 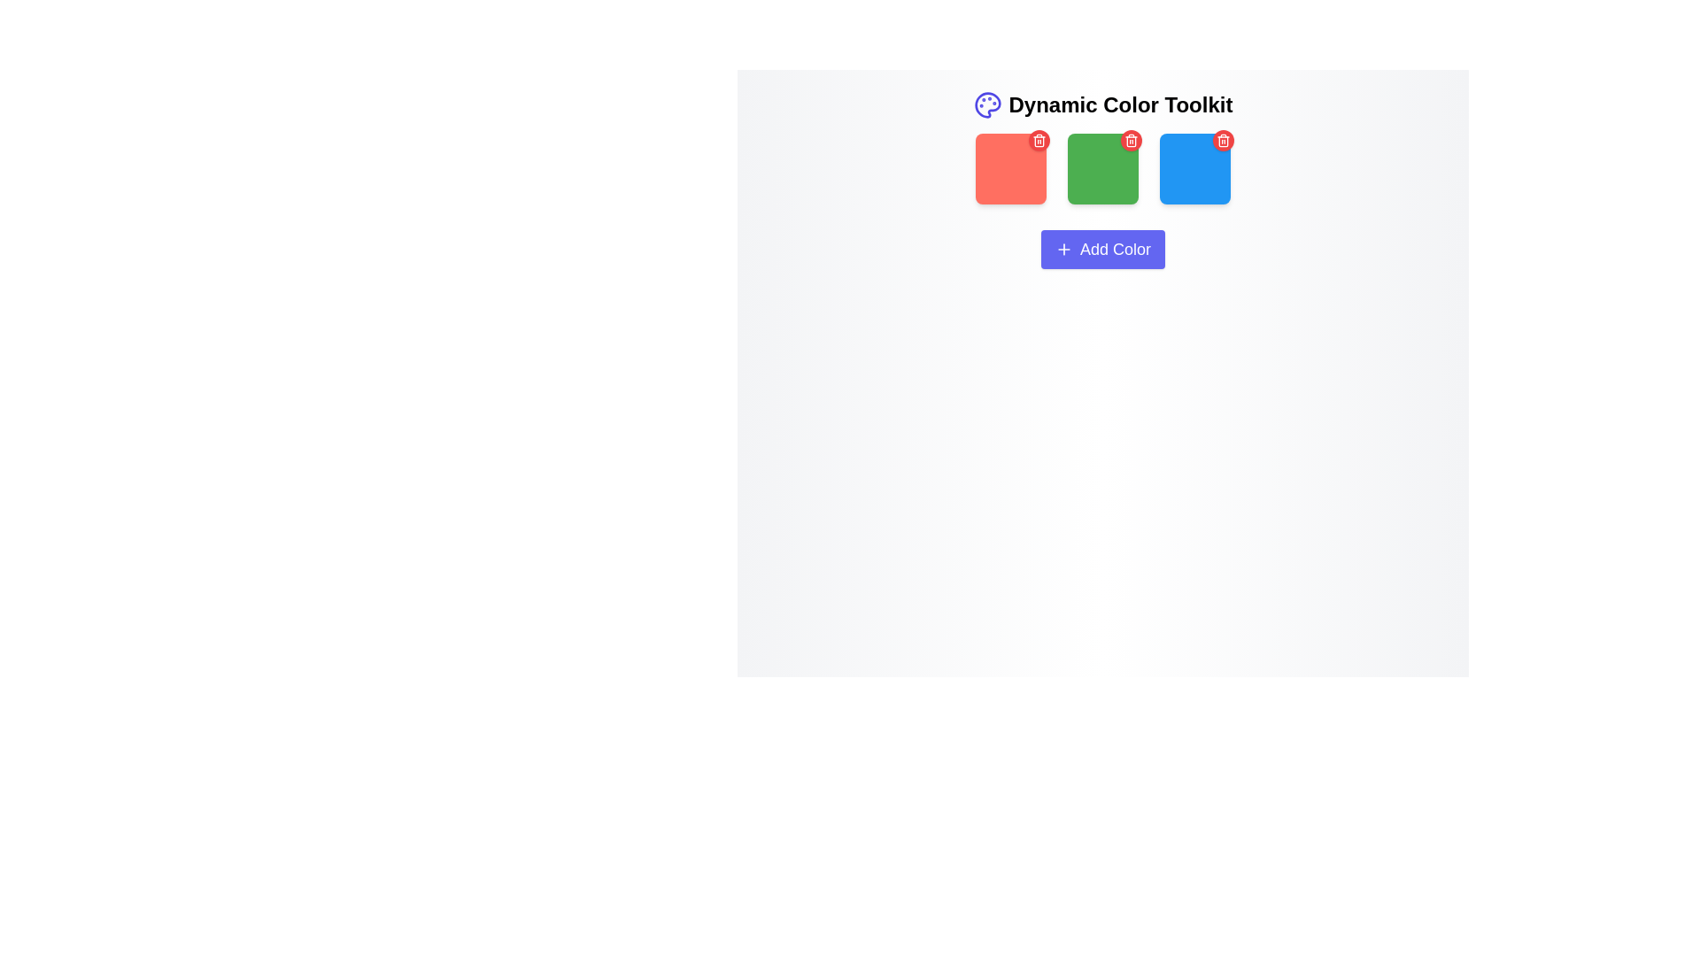 I want to click on the main body of the trash can icon represented as a rectangular shape with slight curves, located at the top right corner of the green square, so click(x=1130, y=140).